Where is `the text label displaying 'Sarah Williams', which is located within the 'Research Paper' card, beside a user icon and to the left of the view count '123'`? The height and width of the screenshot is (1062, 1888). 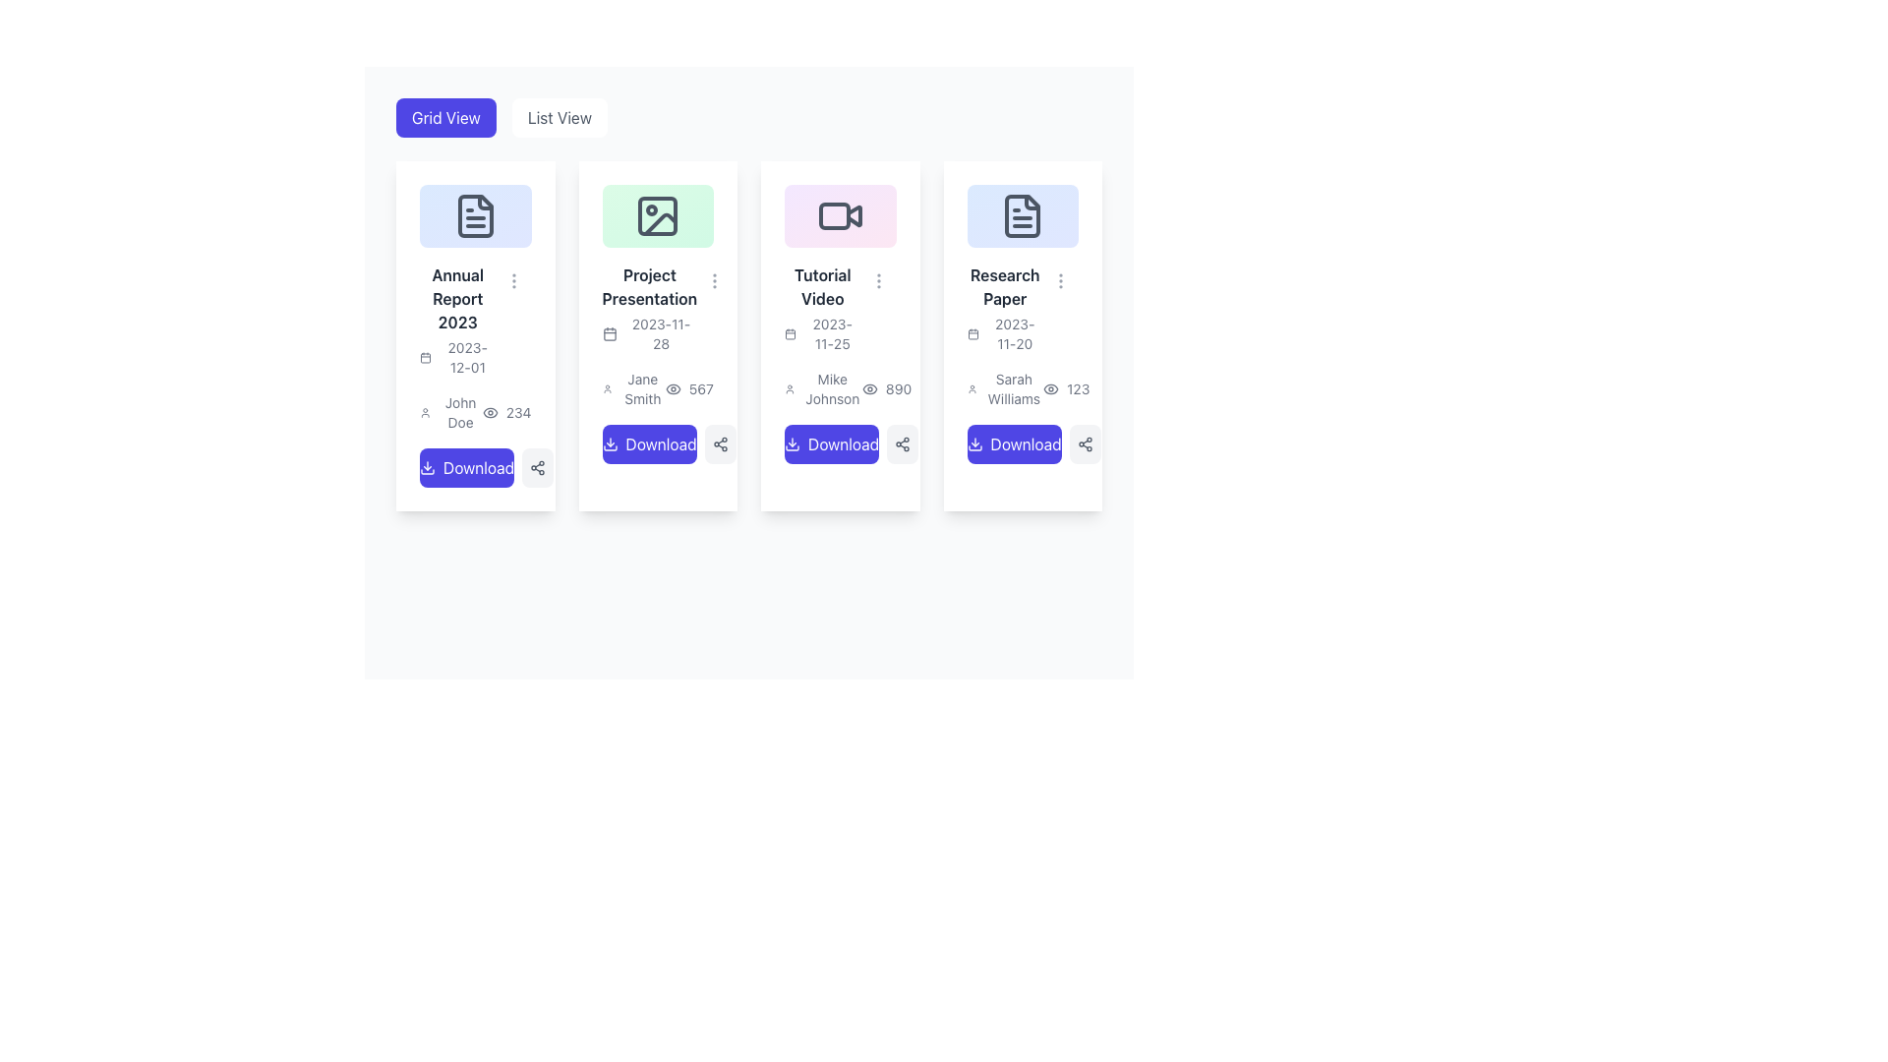 the text label displaying 'Sarah Williams', which is located within the 'Research Paper' card, beside a user icon and to the left of the view count '123' is located at coordinates (1005, 388).